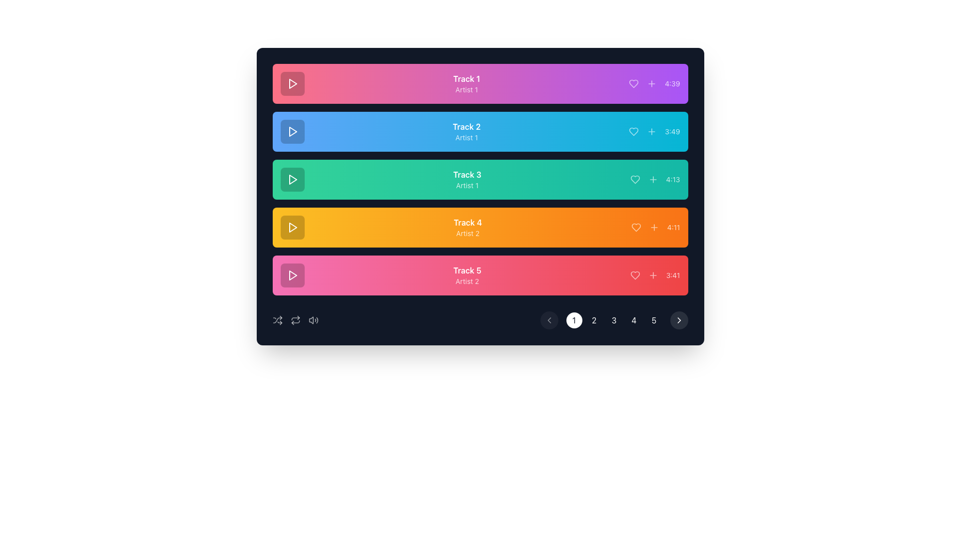 This screenshot has width=959, height=539. Describe the element at coordinates (467, 275) in the screenshot. I see `displayed information from the title block showing the name and artist of the track, which is the fifth item in the vertical list of tracks` at that location.